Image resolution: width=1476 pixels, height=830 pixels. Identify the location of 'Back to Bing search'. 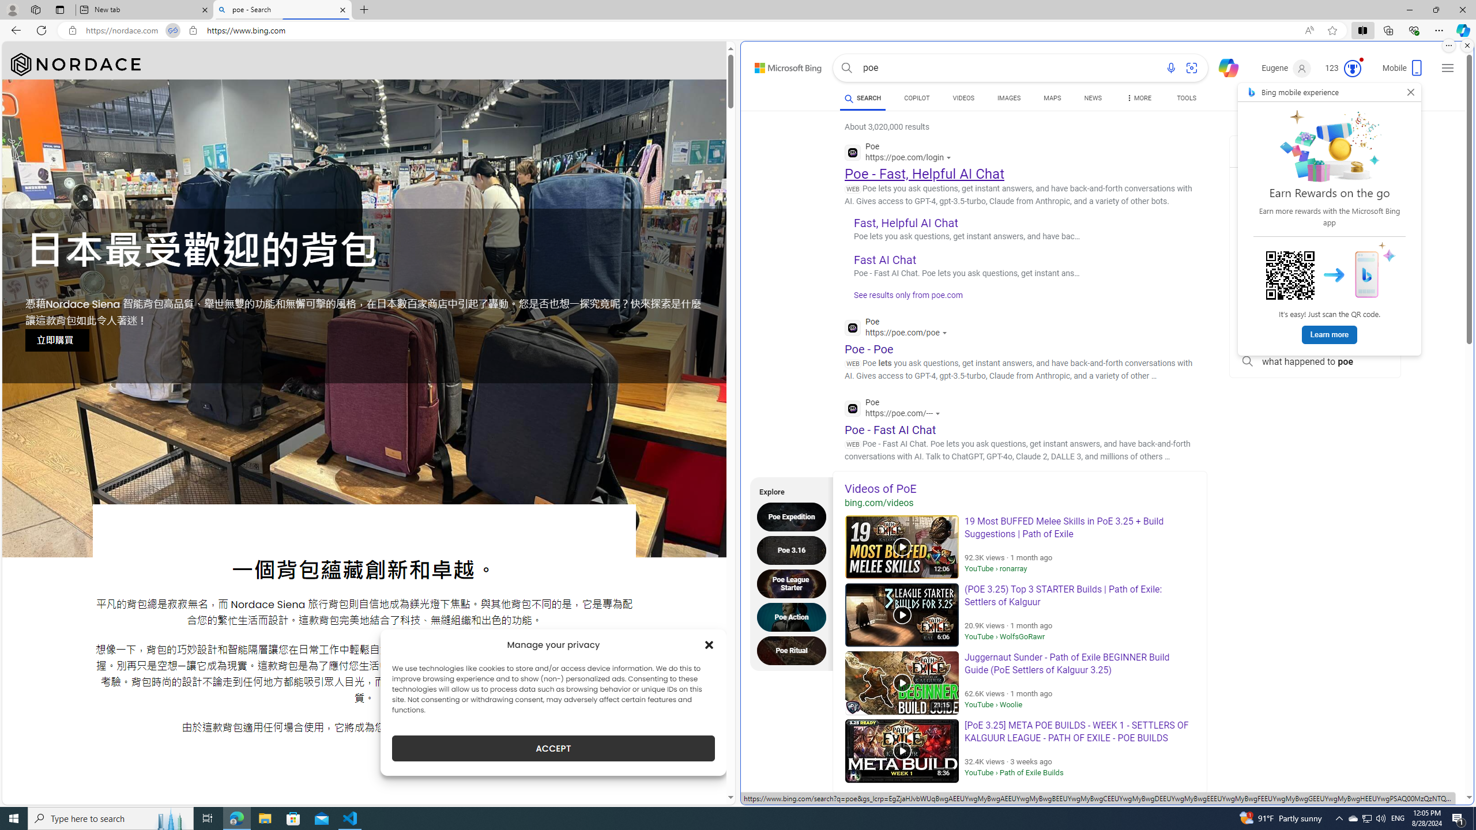
(781, 65).